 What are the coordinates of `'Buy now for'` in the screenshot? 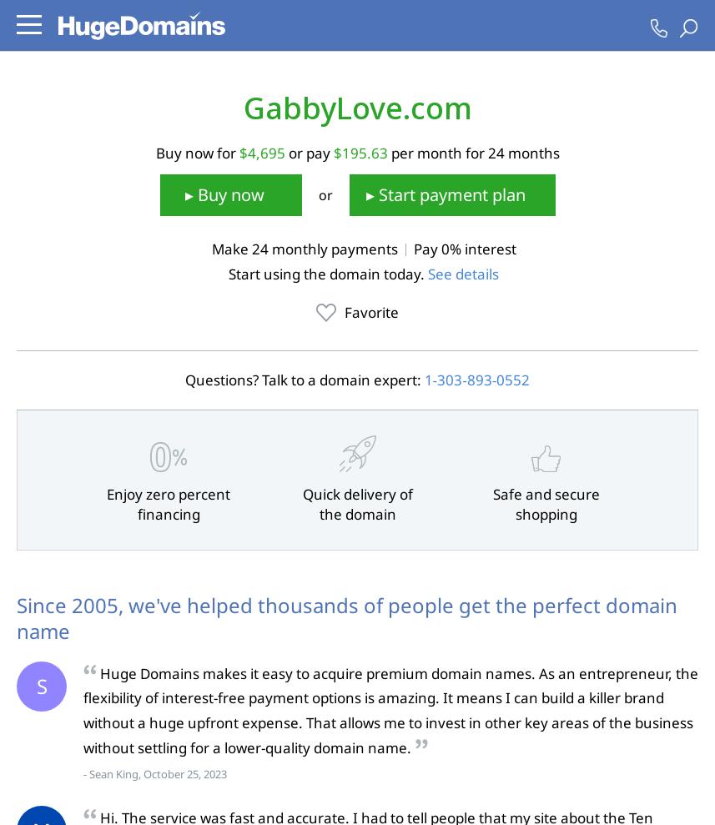 It's located at (197, 152).